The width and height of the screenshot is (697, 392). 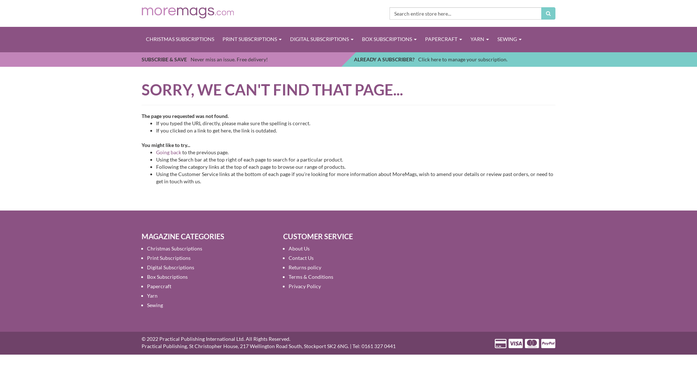 What do you see at coordinates (388, 39) in the screenshot?
I see `'BOX SUBSCRIPTIONS'` at bounding box center [388, 39].